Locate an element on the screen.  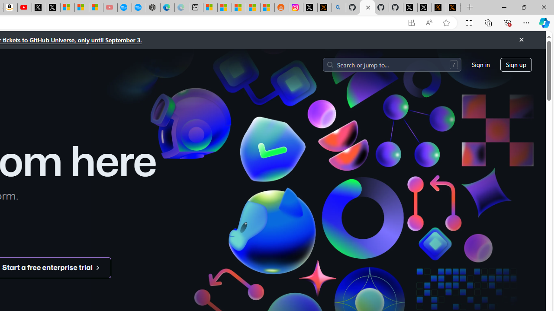
'Class: octicon arrow-symbol-mktg' is located at coordinates (97, 267).